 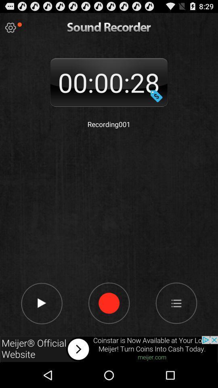 I want to click on play page, so click(x=42, y=302).